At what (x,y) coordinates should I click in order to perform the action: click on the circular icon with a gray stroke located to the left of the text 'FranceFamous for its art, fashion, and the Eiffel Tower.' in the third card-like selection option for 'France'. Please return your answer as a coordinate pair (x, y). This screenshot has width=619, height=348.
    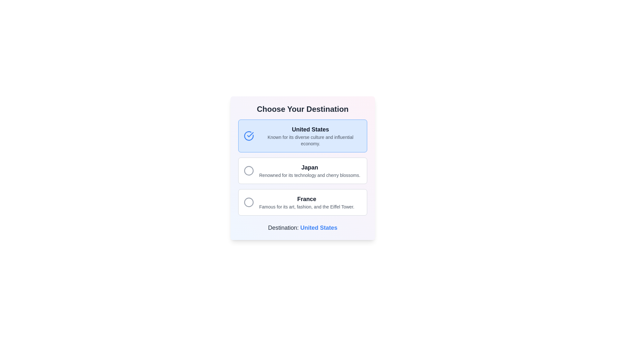
    Looking at the image, I should click on (251, 202).